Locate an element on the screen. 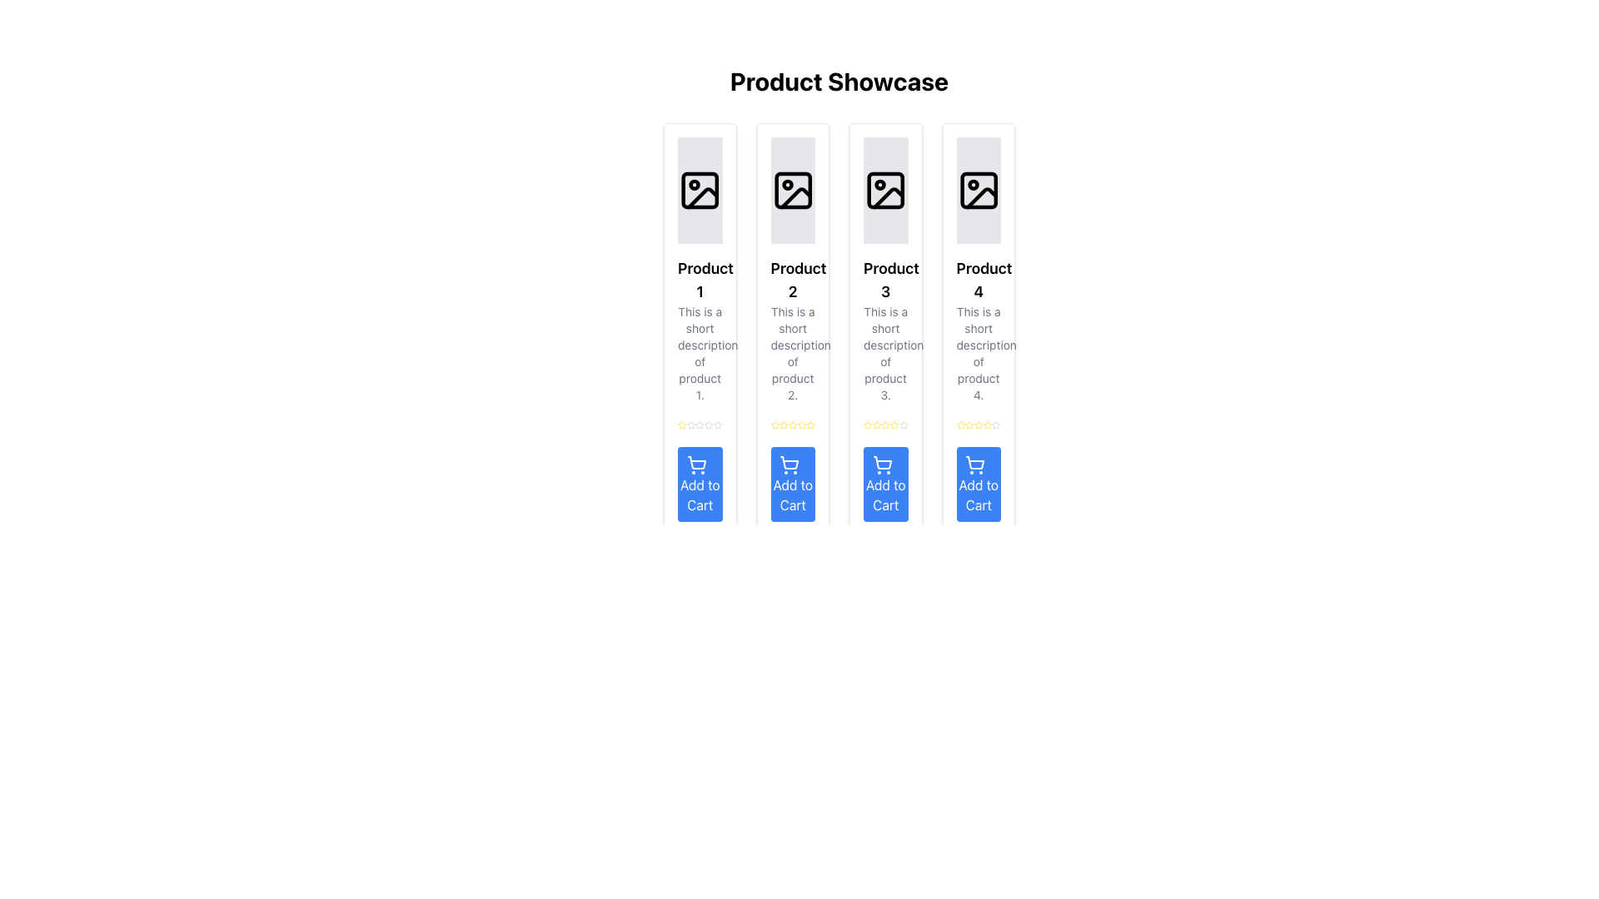 Image resolution: width=1599 pixels, height=899 pixels. the text label that identifies the title or name of the product displayed in the first product card, which is centrally aligned above the description text is located at coordinates (700, 279).